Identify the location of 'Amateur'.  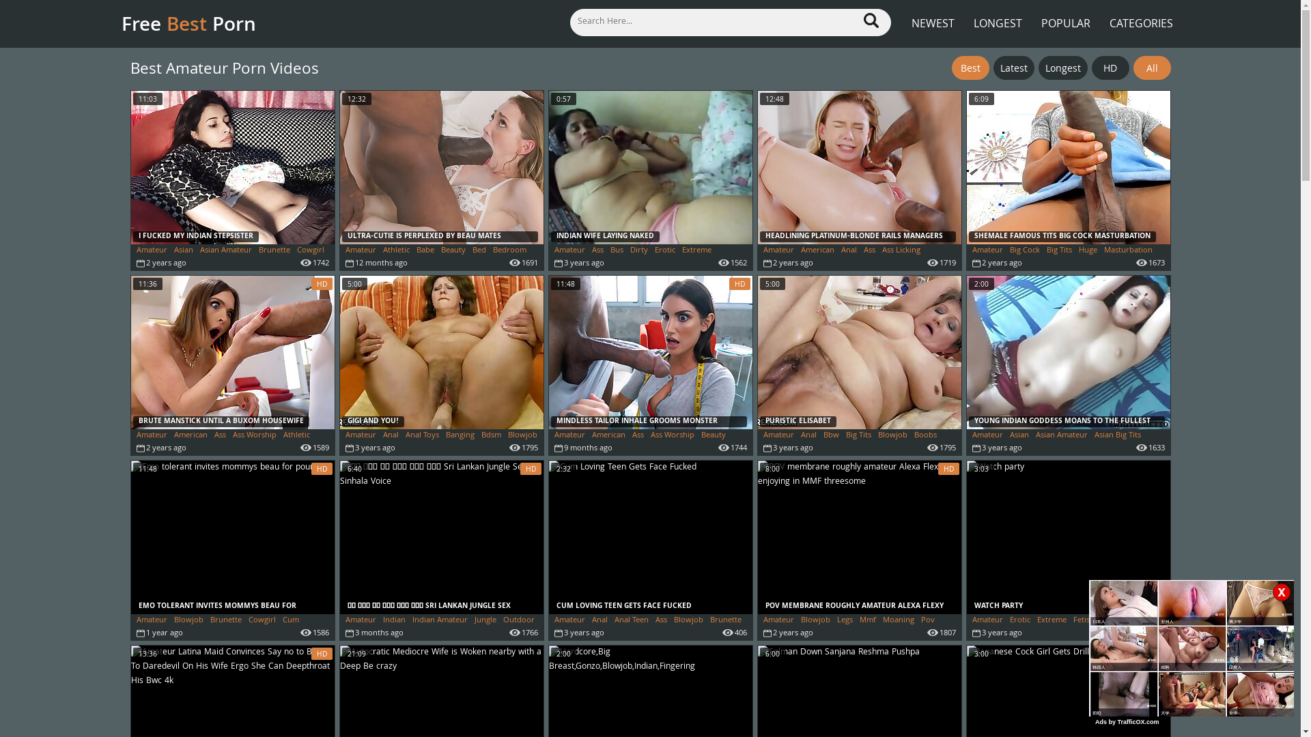
(152, 250).